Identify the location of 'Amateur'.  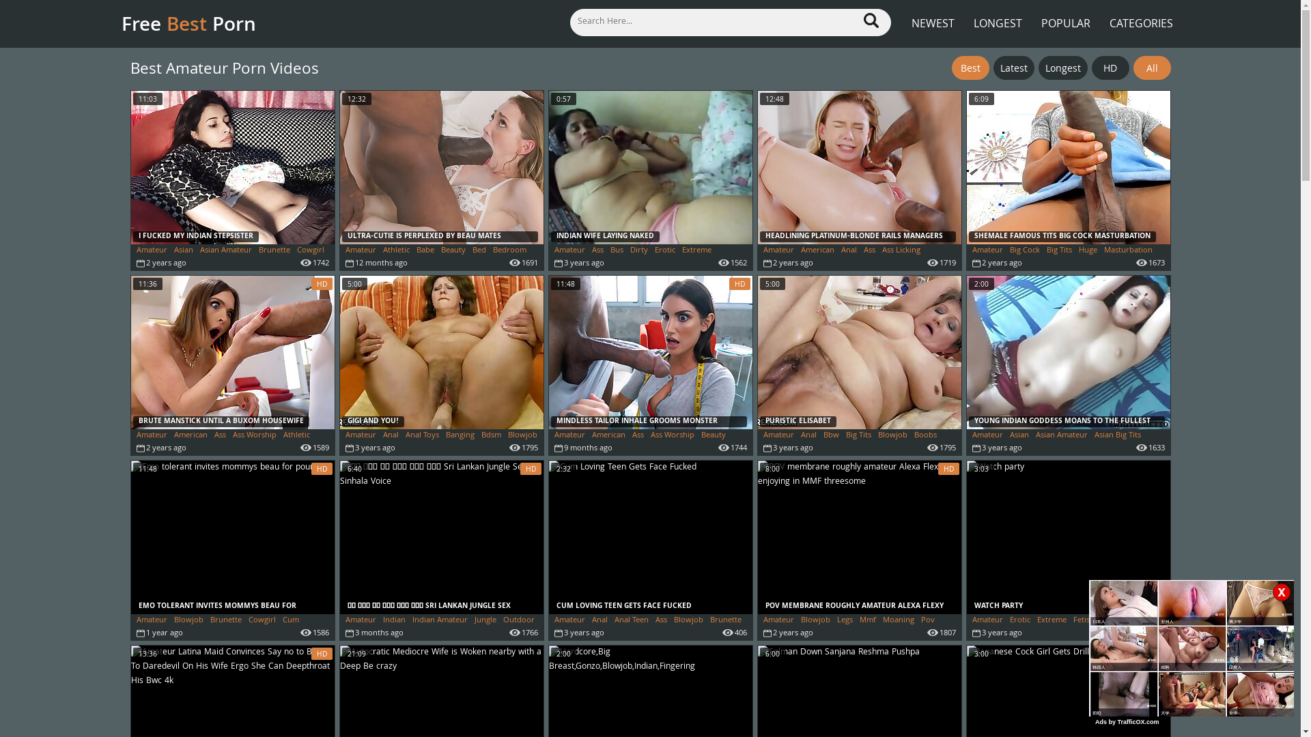
(152, 250).